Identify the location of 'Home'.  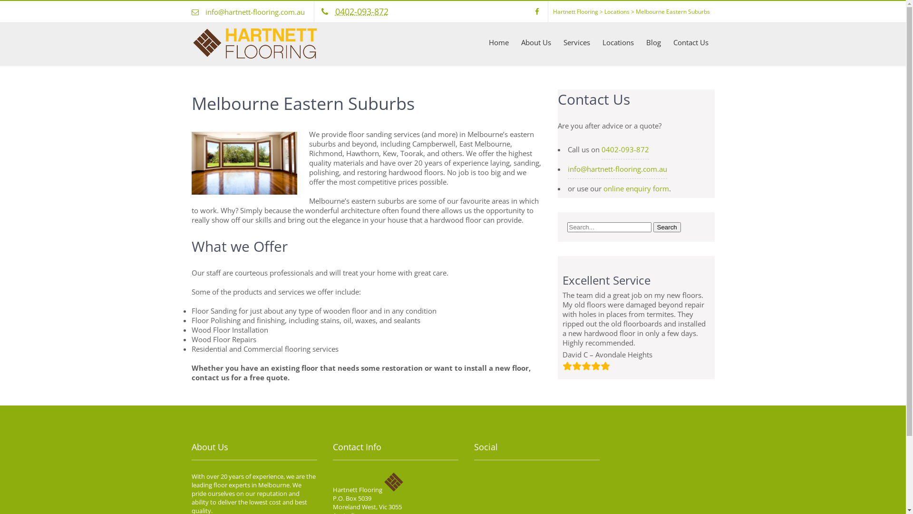
(497, 41).